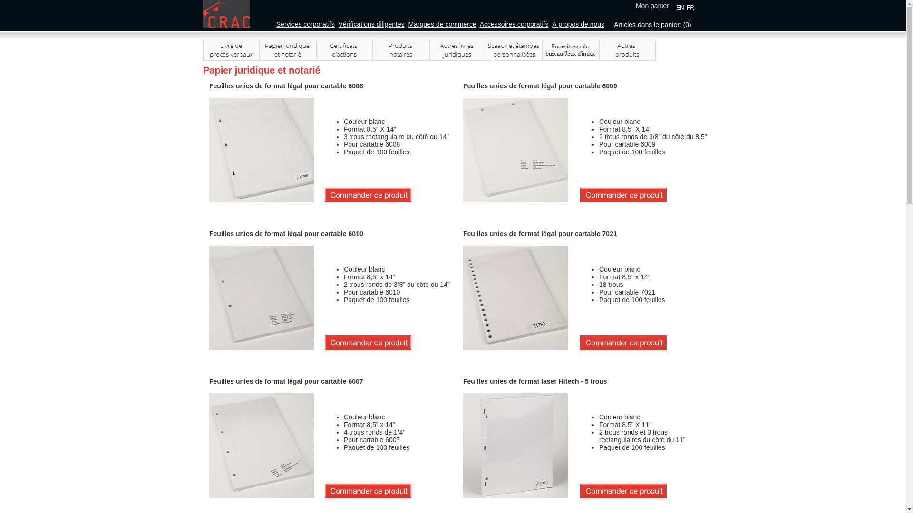 The image size is (913, 513). I want to click on 'Commander ce produit', so click(623, 491).